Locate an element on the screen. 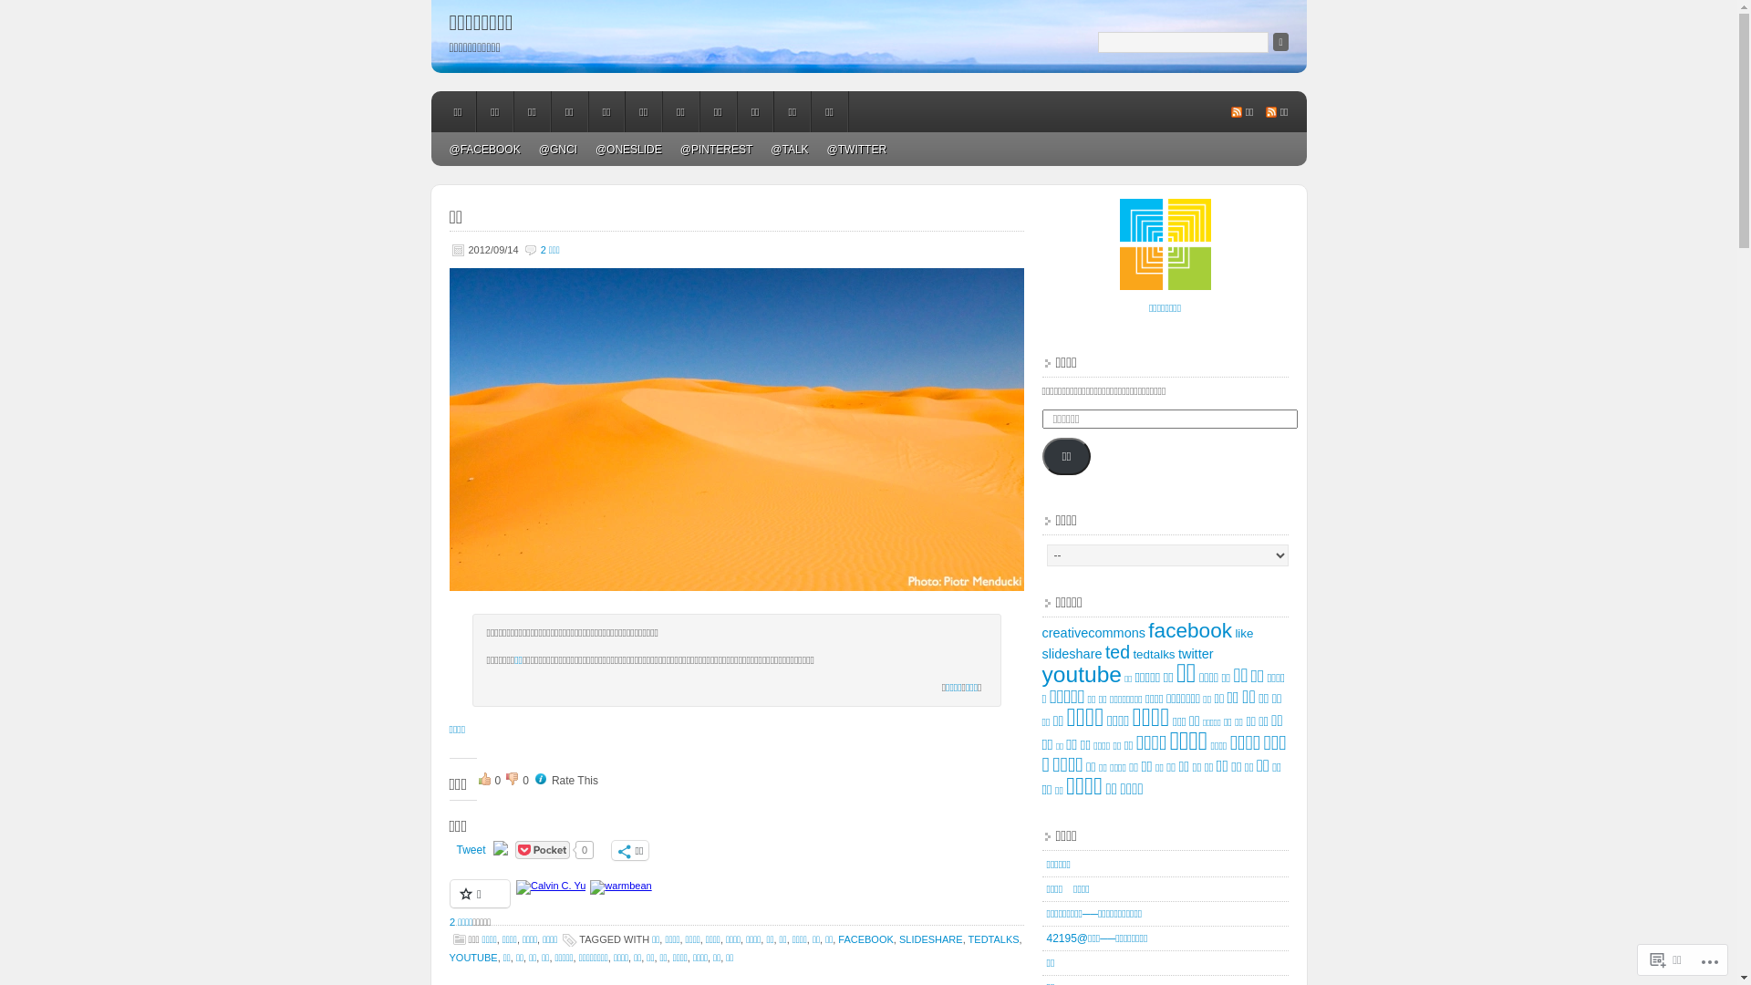 This screenshot has width=1751, height=985. 'twitter' is located at coordinates (1196, 653).